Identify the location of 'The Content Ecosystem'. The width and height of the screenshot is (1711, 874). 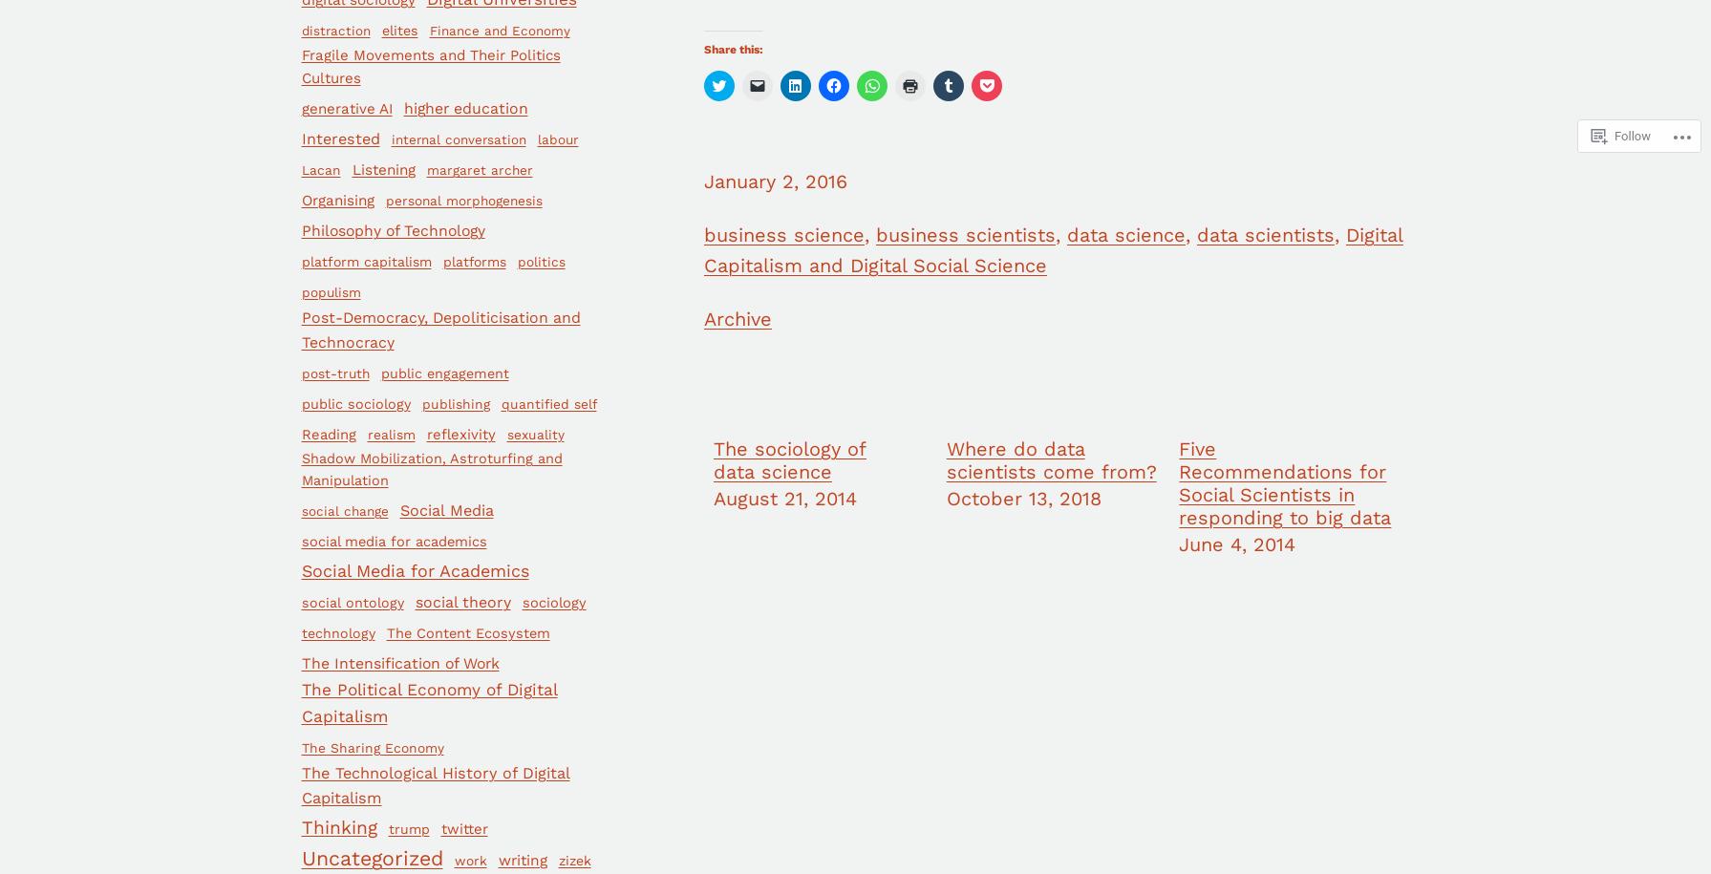
(467, 631).